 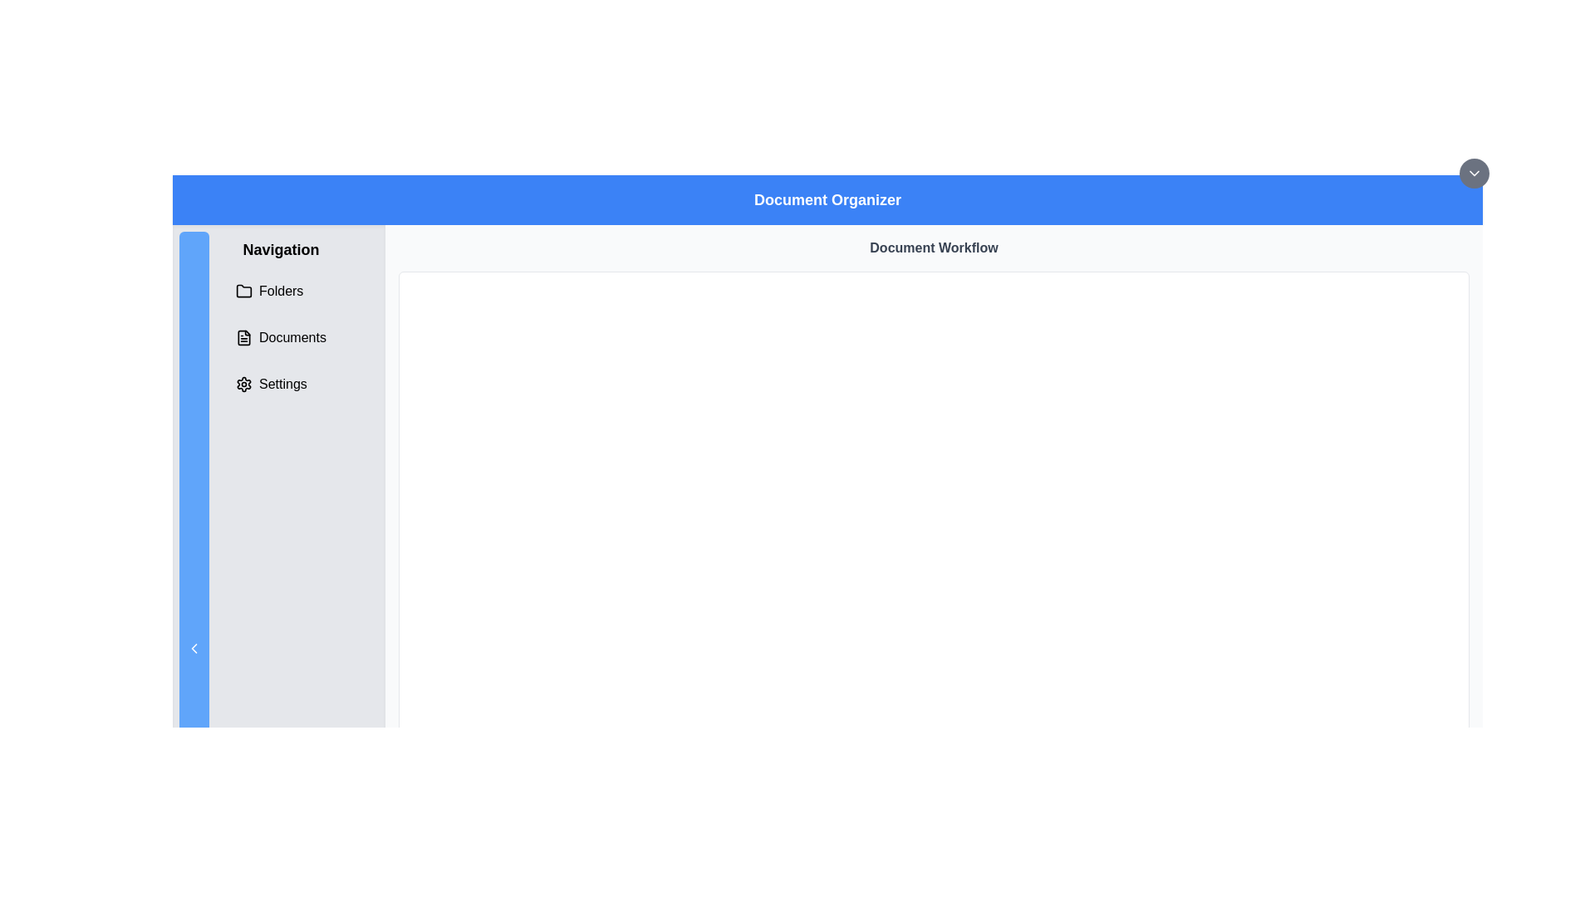 I want to click on the 'Documents' item in the vertical navigation menu located beneath the 'Navigation' header, so click(x=281, y=337).